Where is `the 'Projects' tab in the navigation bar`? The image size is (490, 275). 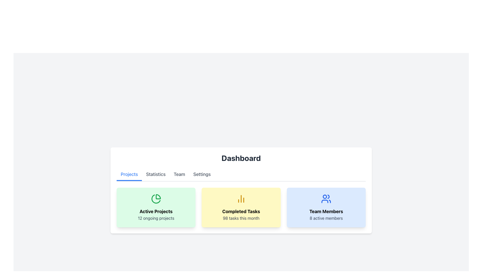
the 'Projects' tab in the navigation bar is located at coordinates (129, 174).